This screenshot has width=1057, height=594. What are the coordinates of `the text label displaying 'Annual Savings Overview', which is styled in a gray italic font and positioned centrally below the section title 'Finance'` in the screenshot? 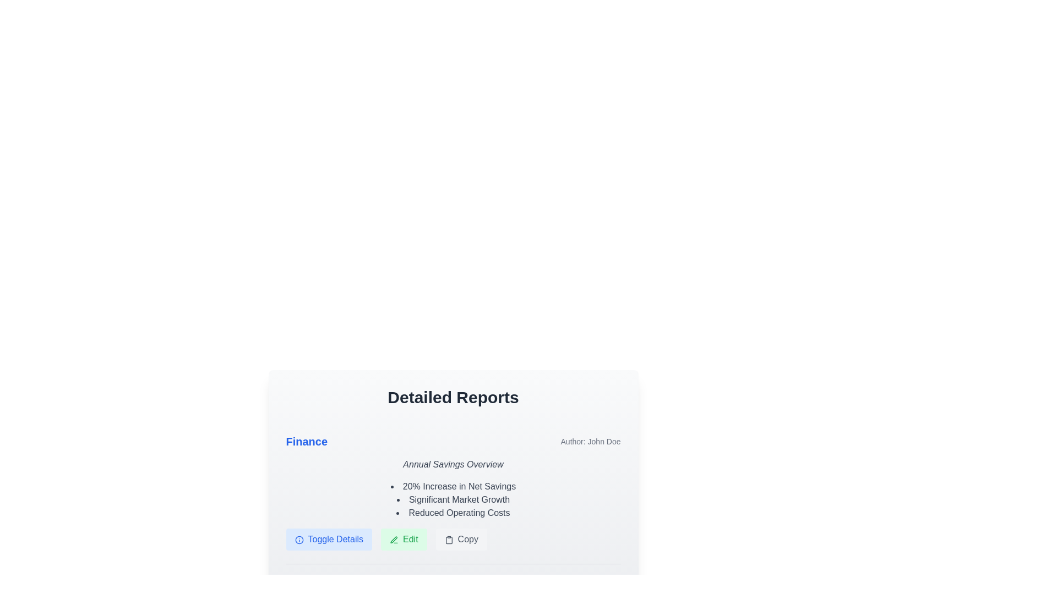 It's located at (453, 464).